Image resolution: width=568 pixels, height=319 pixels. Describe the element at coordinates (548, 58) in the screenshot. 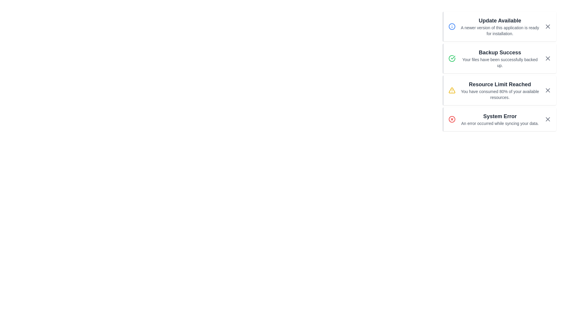

I see `the close button icon located in the top right corner of the notification box` at that location.